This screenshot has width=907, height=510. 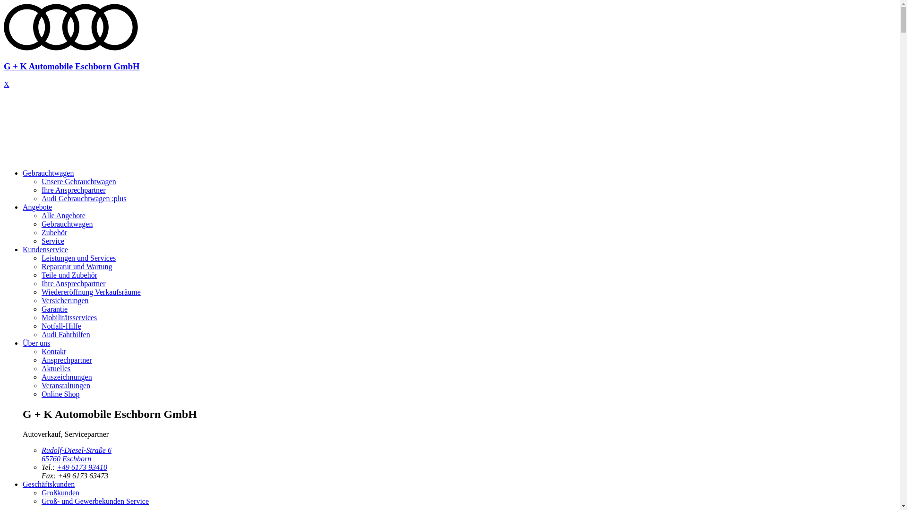 What do you see at coordinates (77, 266) in the screenshot?
I see `'Reparatur und Wartung'` at bounding box center [77, 266].